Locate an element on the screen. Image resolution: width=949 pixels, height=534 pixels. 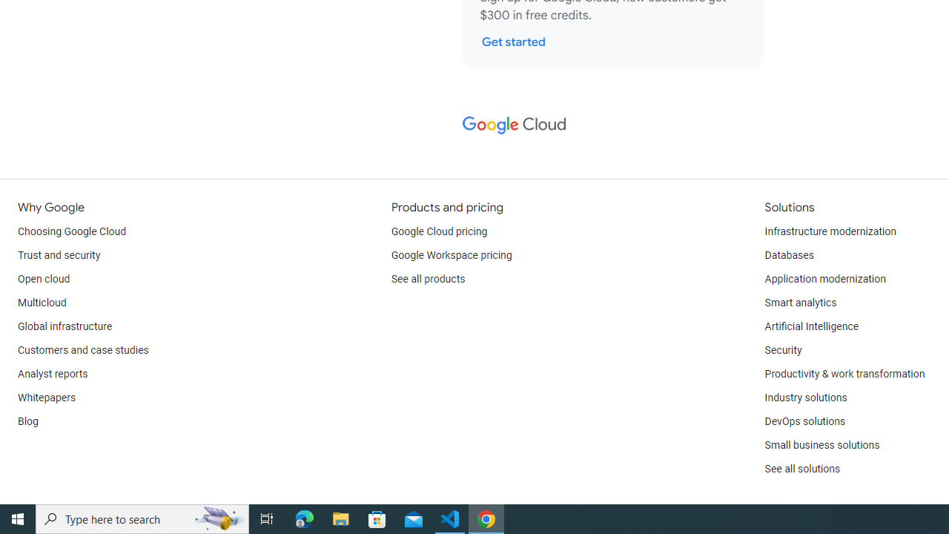
'Google Cloud' is located at coordinates (514, 124).